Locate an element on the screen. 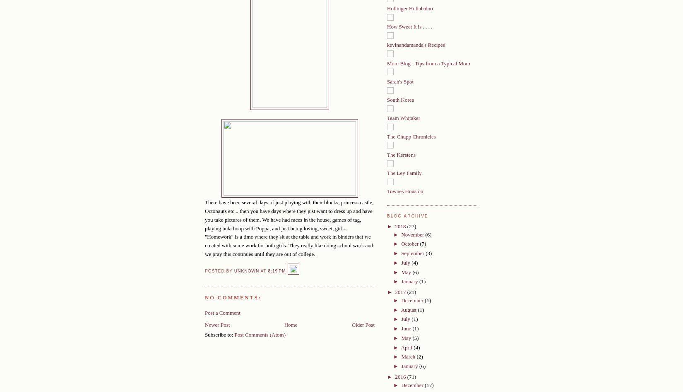 This screenshot has height=392, width=683. 'Newer Post' is located at coordinates (204, 324).